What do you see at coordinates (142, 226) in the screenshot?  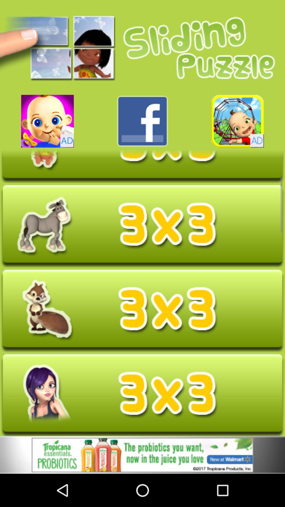 I see `open the puzzle` at bounding box center [142, 226].